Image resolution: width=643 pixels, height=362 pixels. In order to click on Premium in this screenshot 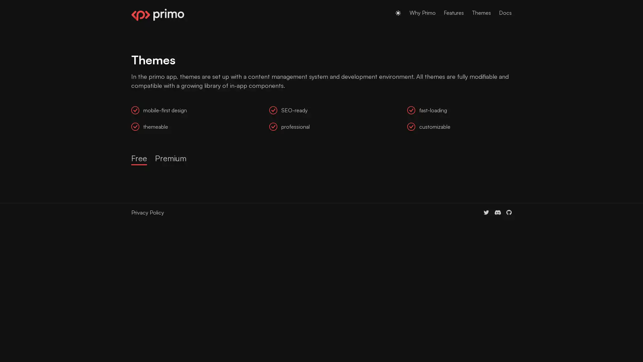, I will do `click(170, 159)`.